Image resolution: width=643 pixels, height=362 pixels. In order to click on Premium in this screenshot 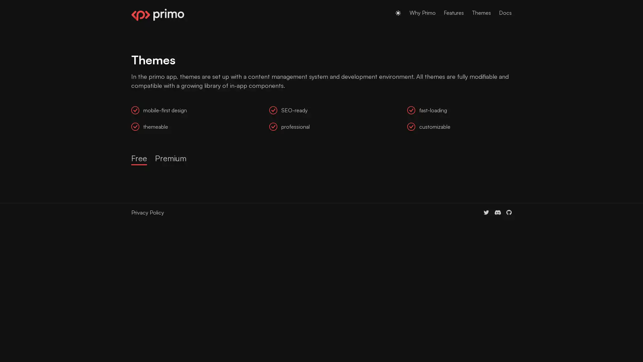, I will do `click(170, 159)`.